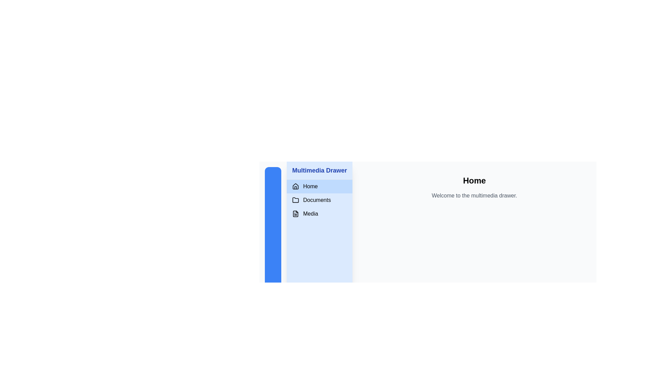 This screenshot has width=657, height=369. I want to click on the vector graphic house icon located in the 'Multimedia Drawer' menu, so click(296, 186).